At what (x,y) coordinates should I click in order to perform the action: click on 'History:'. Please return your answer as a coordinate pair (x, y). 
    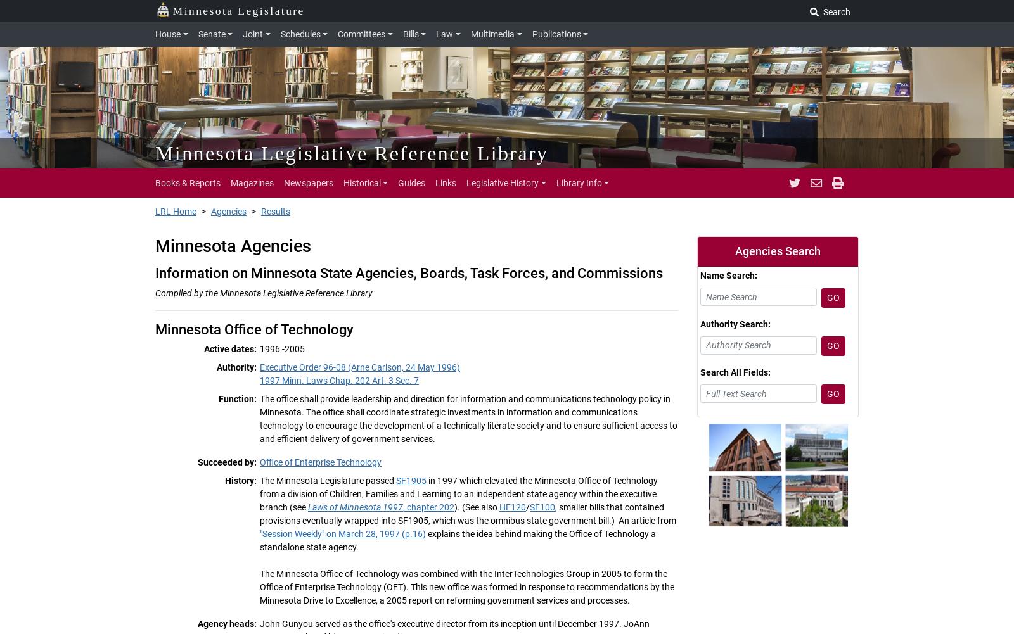
    Looking at the image, I should click on (241, 480).